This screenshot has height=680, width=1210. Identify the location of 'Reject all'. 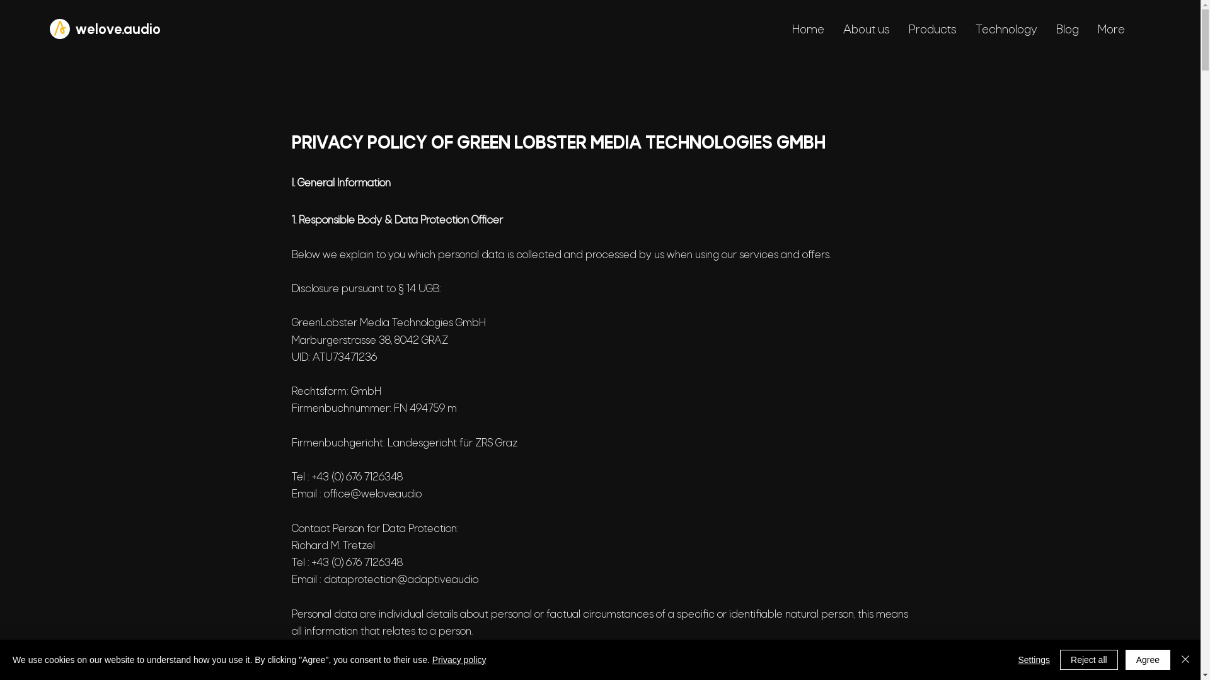
(1088, 659).